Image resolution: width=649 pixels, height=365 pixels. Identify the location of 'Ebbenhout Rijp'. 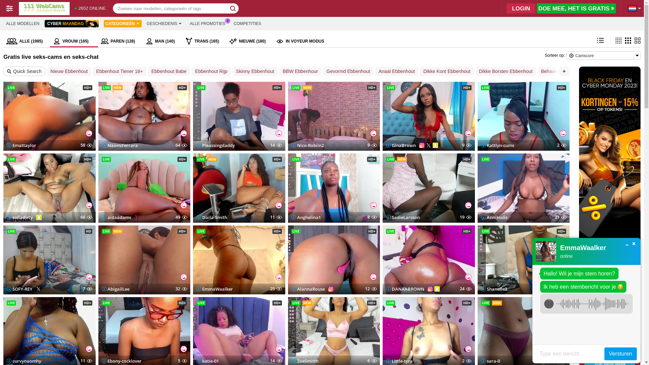
(191, 71).